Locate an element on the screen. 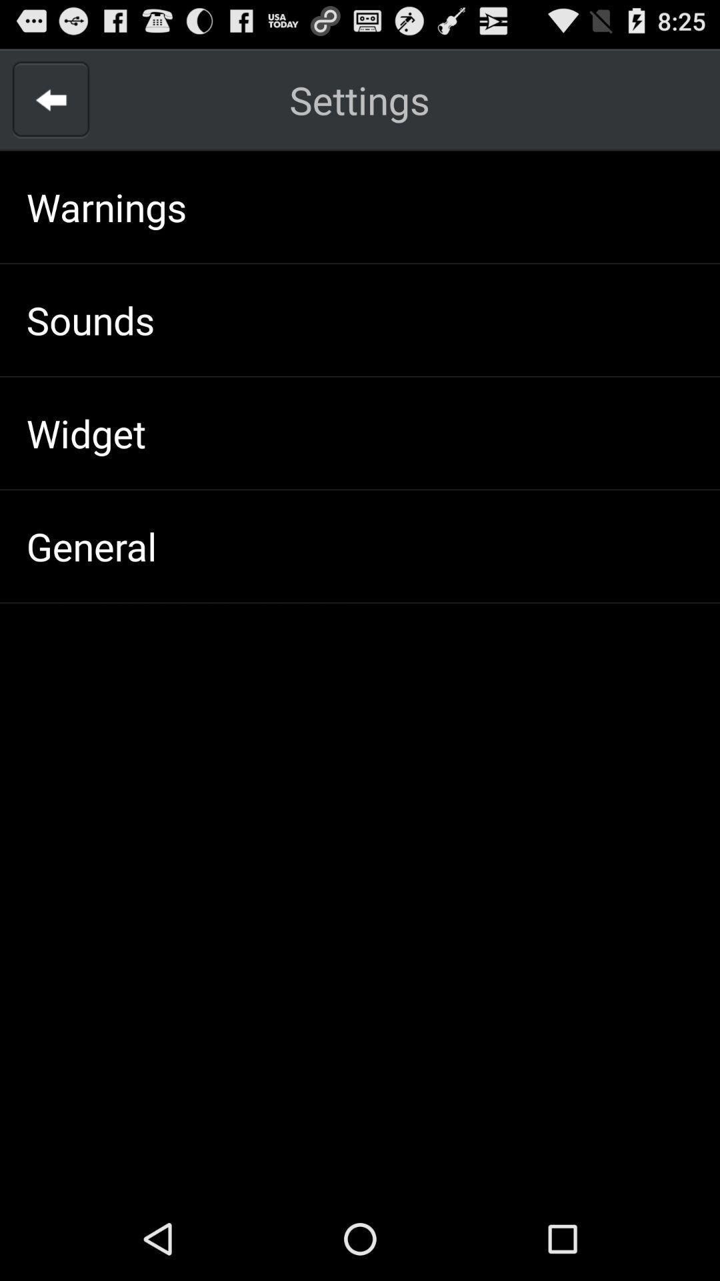  go back is located at coordinates (50, 99).